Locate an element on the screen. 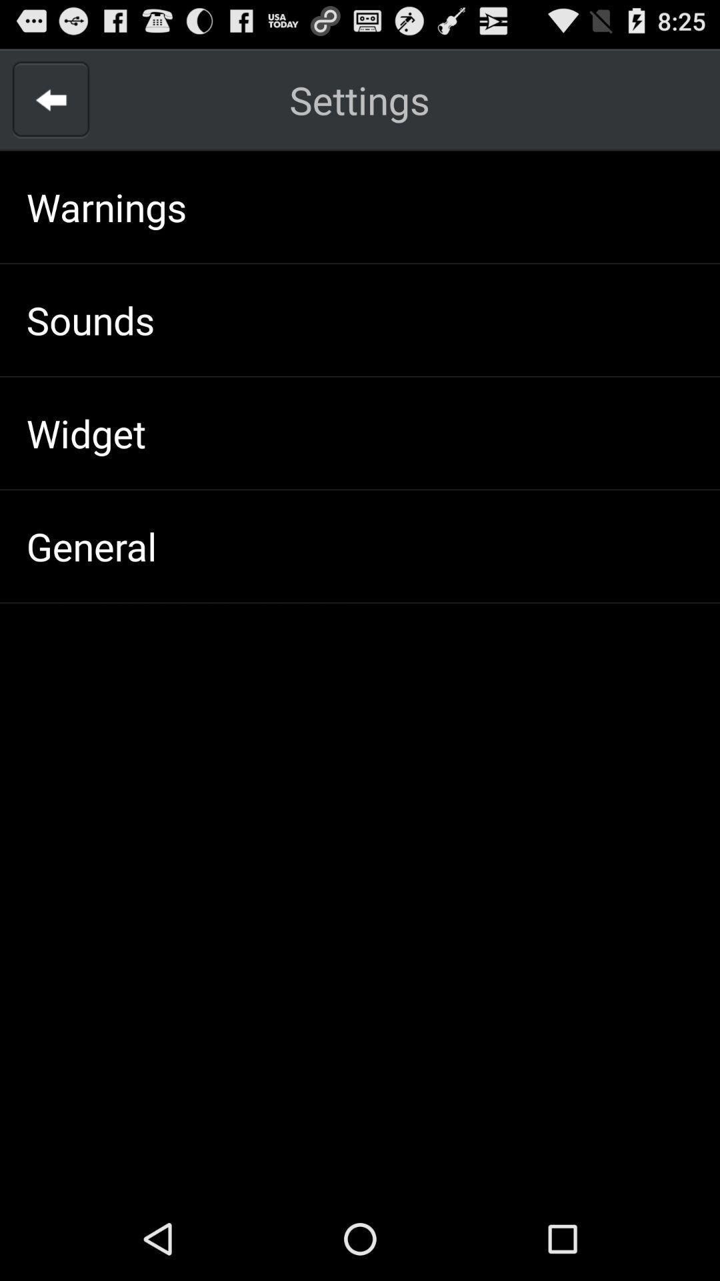  go back is located at coordinates (50, 99).